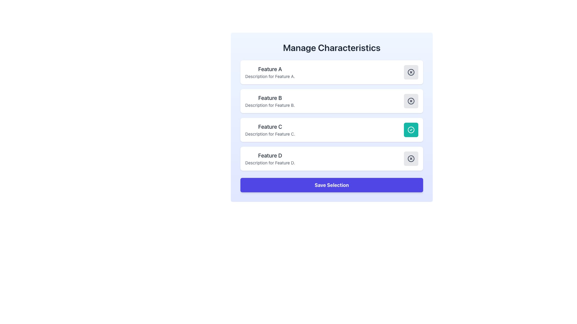 The image size is (577, 324). What do you see at coordinates (331, 158) in the screenshot?
I see `the Interactive List Item displaying 'Feature D'` at bounding box center [331, 158].